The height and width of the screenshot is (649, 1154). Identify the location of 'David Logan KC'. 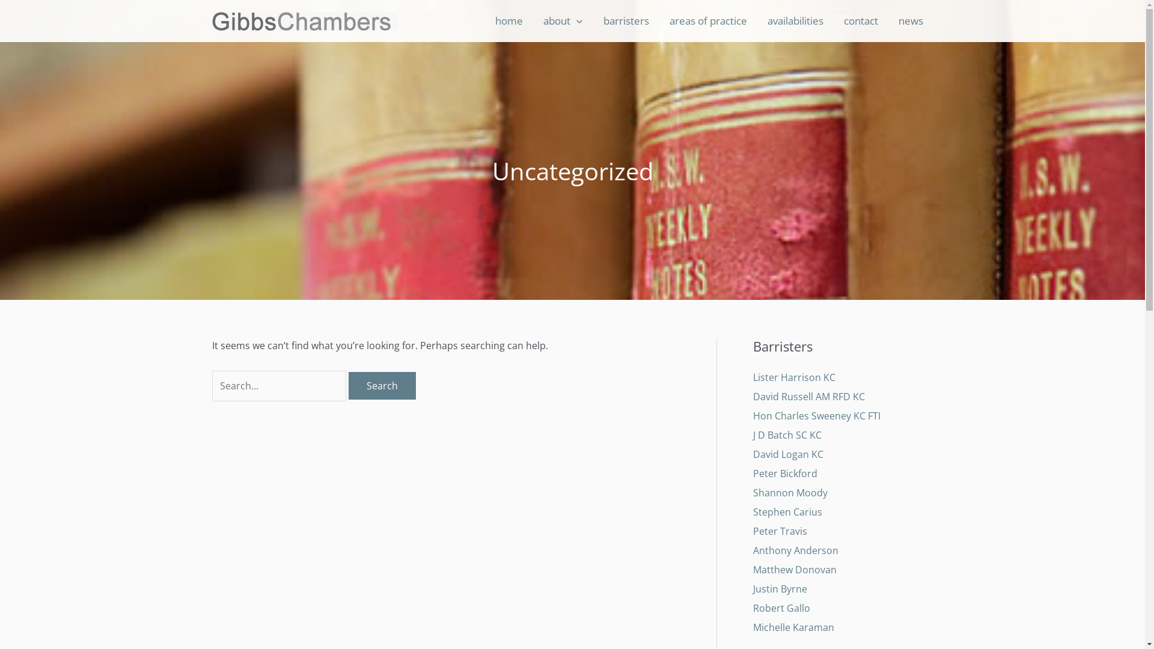
(787, 454).